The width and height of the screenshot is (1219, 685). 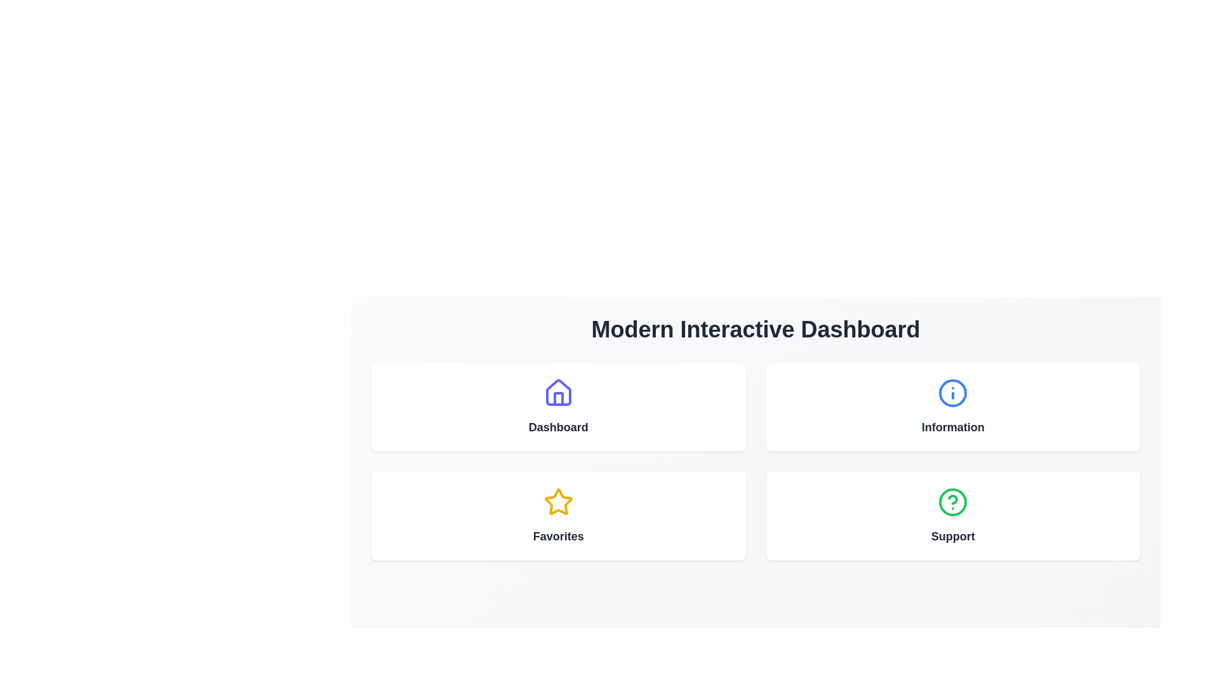 What do you see at coordinates (953, 393) in the screenshot?
I see `the blue circular information icon with an 'i' symbol located in the upper right of the 'Information' card` at bounding box center [953, 393].